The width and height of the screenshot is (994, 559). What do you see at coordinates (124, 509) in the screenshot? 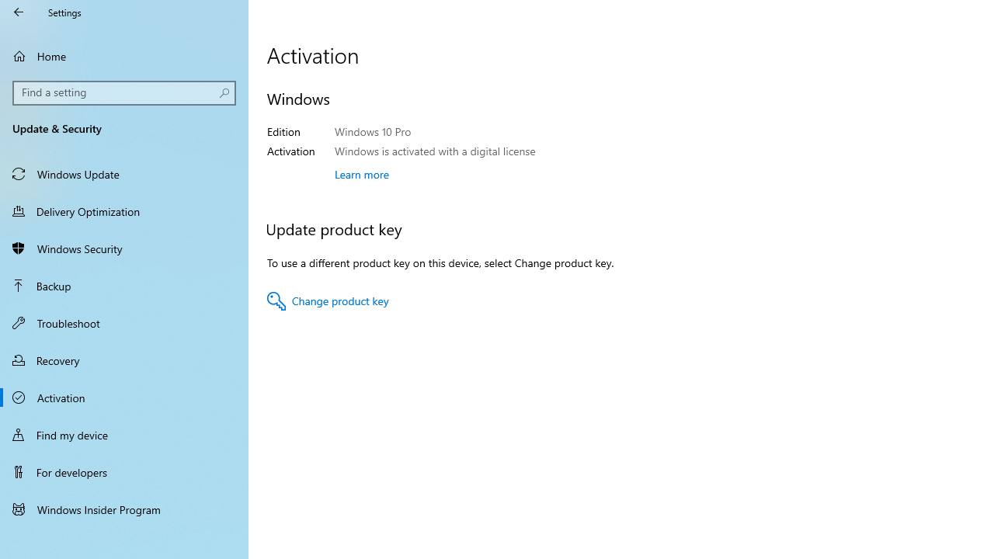
I see `'Windows Insider Program'` at bounding box center [124, 509].